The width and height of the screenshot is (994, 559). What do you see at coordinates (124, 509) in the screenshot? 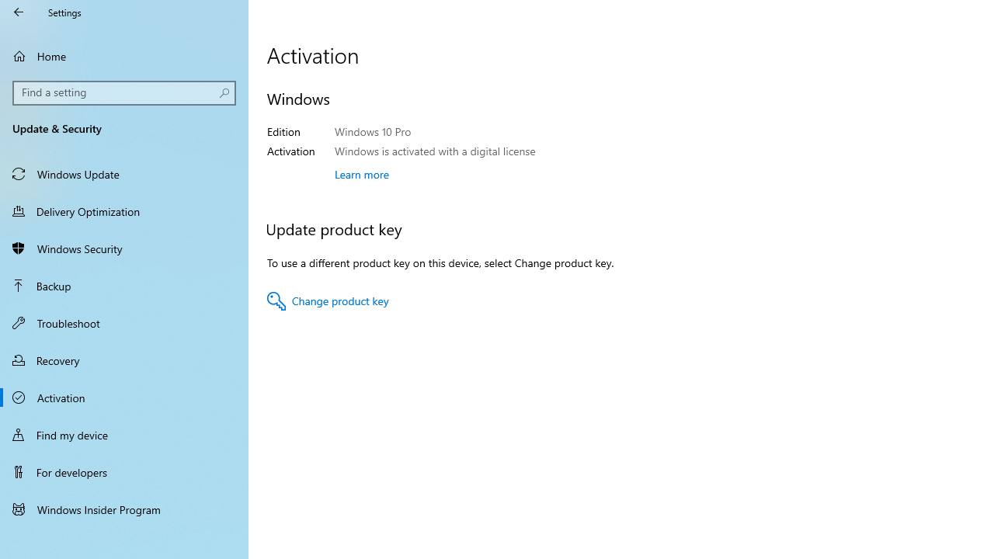
I see `'Windows Insider Program'` at bounding box center [124, 509].